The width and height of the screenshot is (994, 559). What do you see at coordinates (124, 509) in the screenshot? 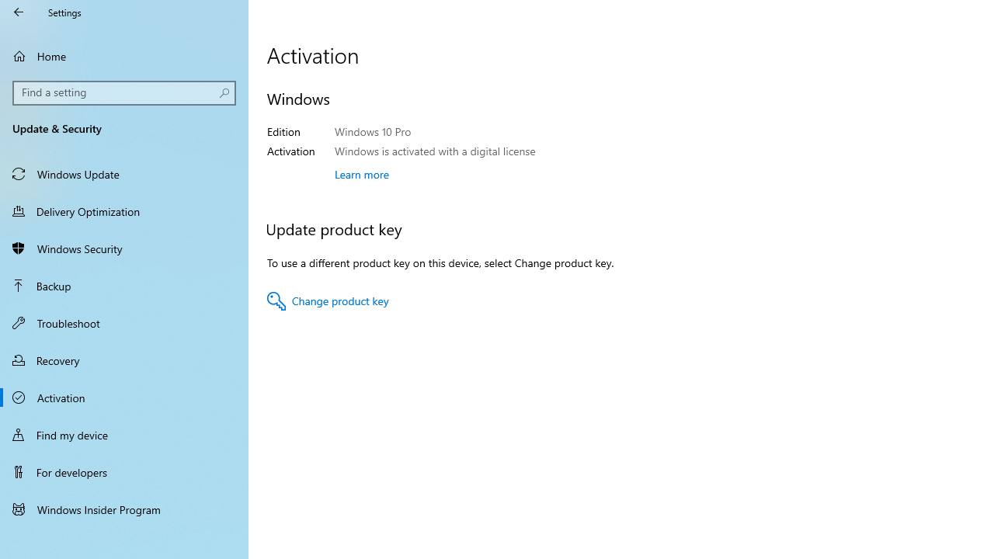
I see `'Windows Insider Program'` at bounding box center [124, 509].